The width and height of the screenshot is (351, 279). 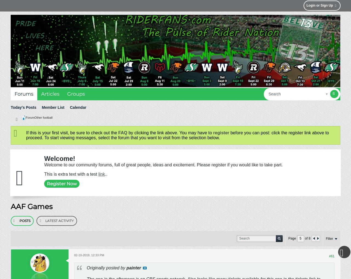 I want to click on 'AAF Games', so click(x=11, y=206).